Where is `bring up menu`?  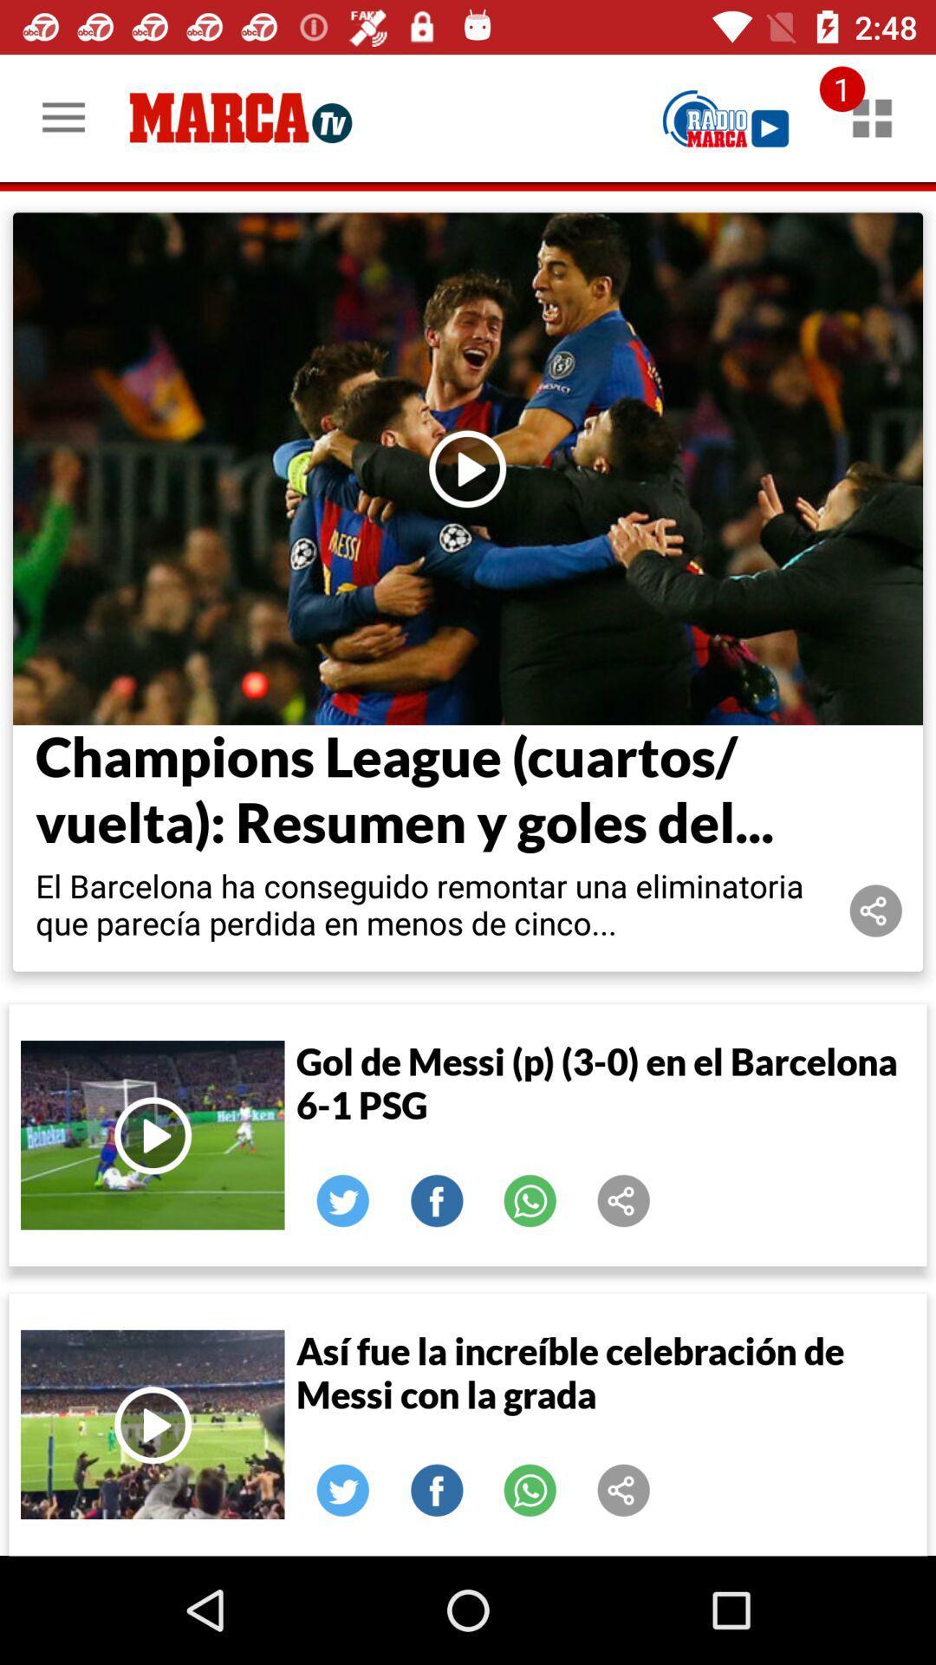
bring up menu is located at coordinates (872, 117).